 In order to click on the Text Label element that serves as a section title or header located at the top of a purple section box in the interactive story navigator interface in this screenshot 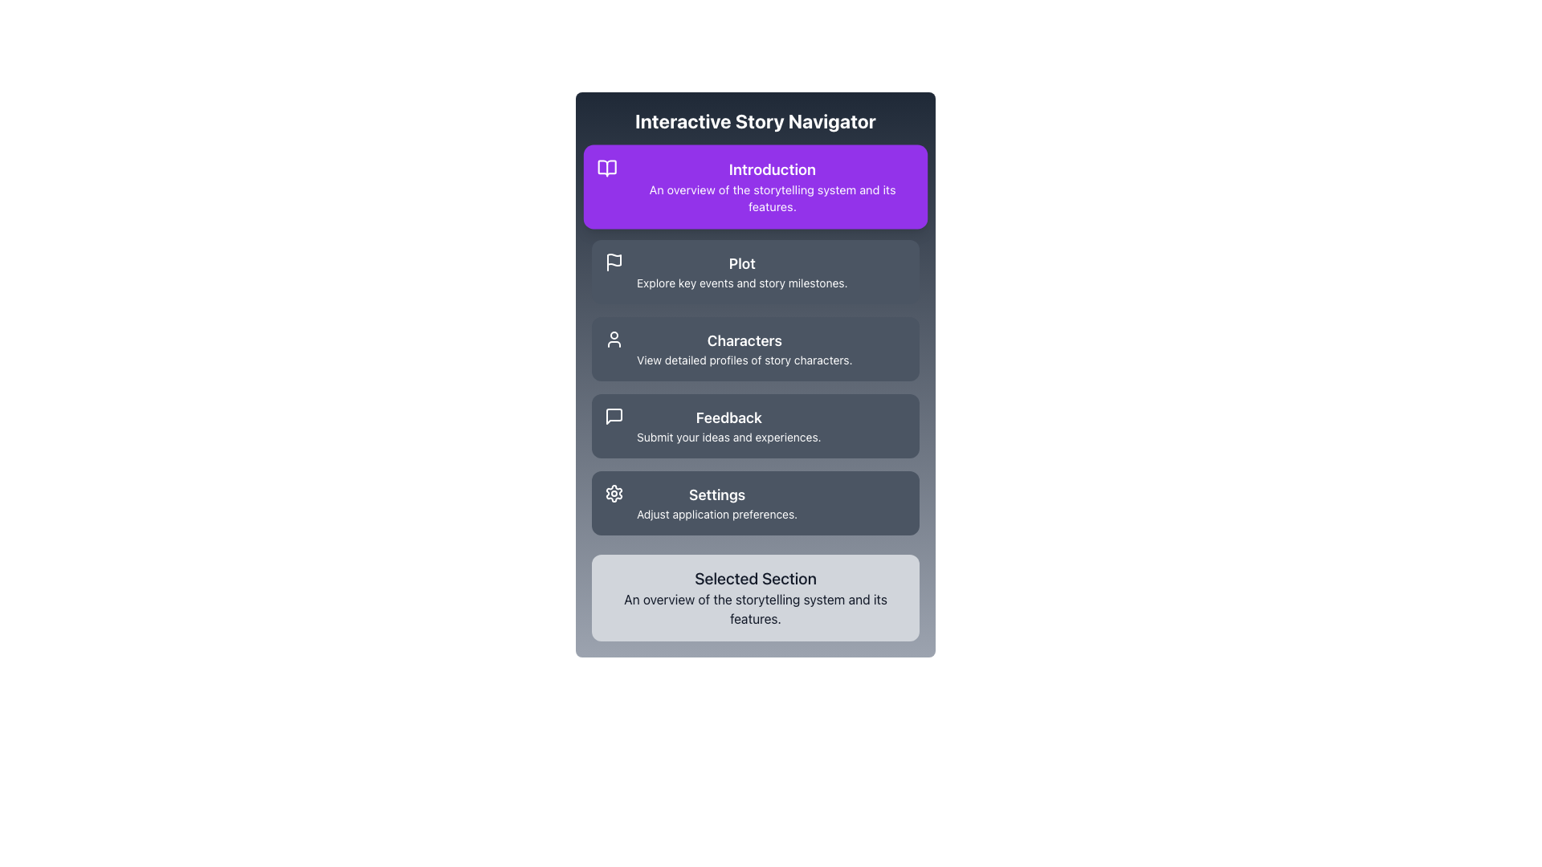, I will do `click(772, 170)`.